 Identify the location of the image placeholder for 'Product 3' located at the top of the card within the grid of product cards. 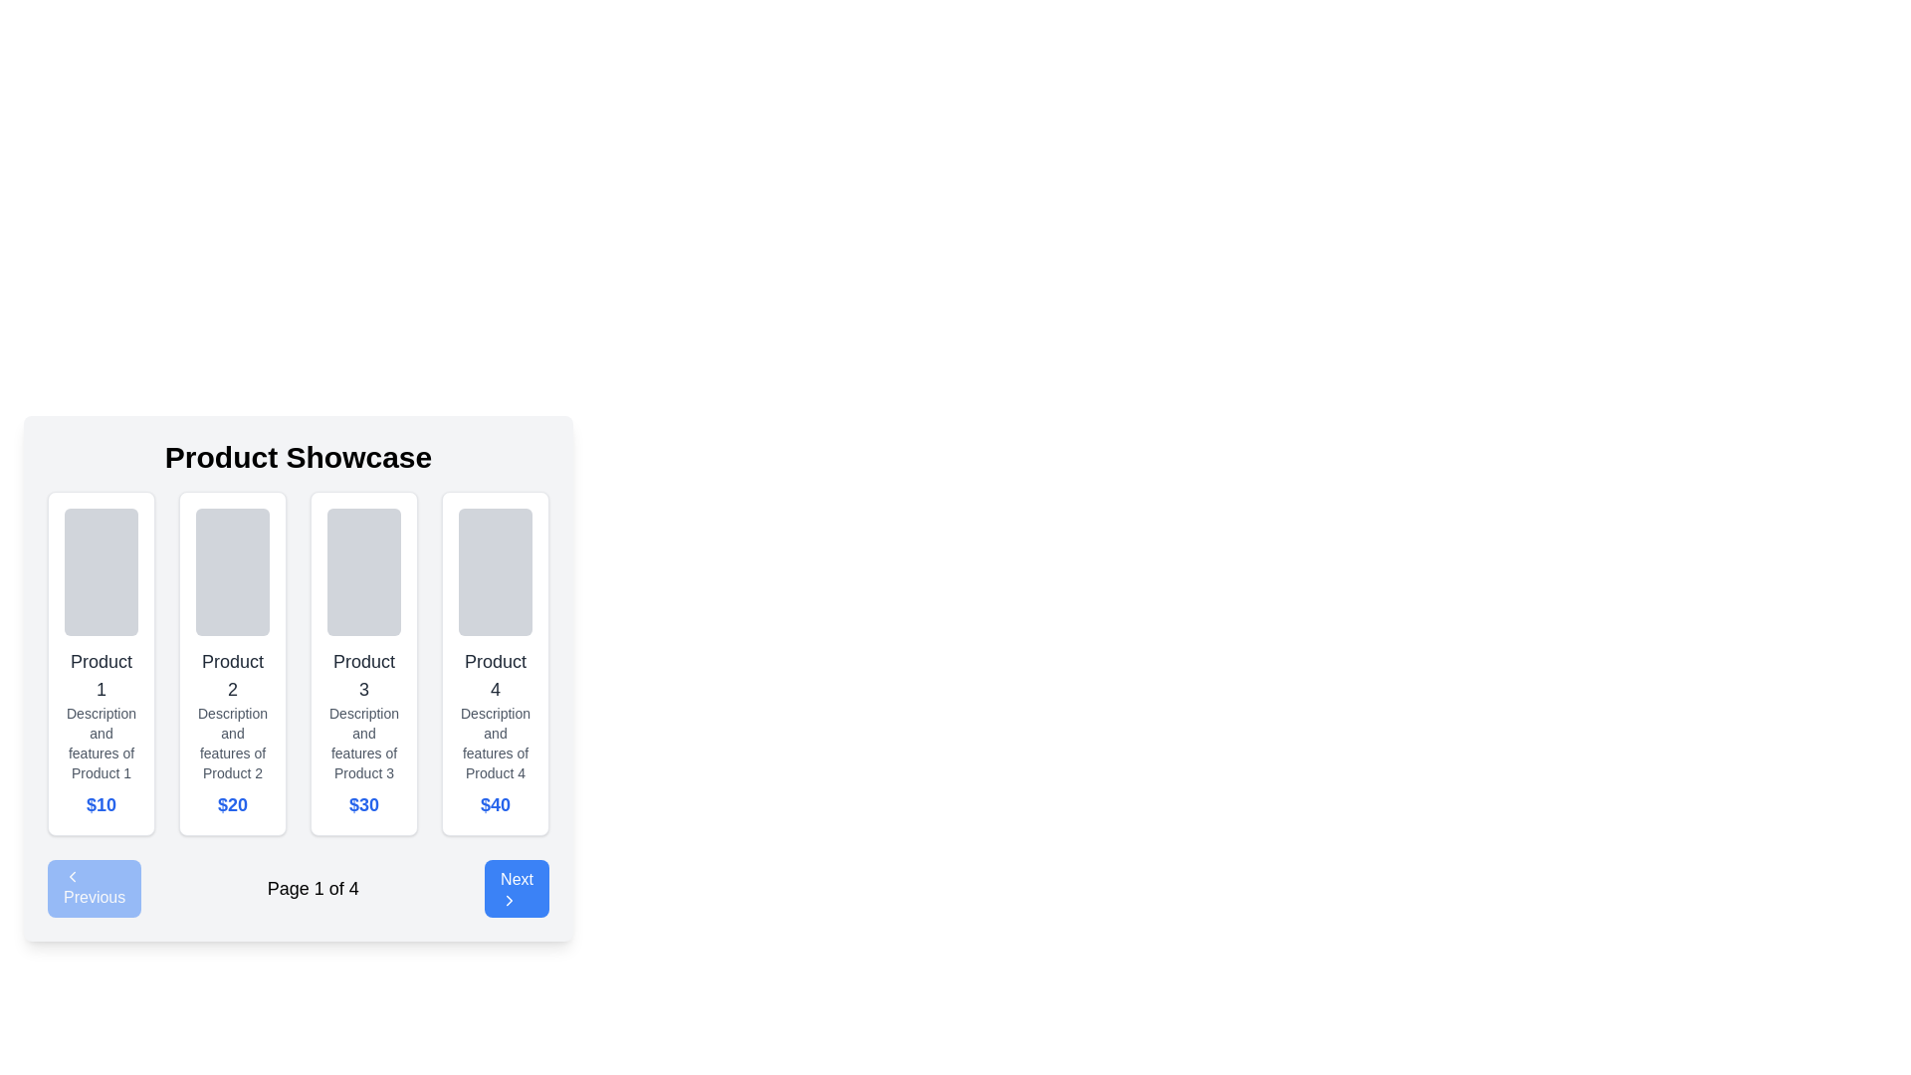
(363, 571).